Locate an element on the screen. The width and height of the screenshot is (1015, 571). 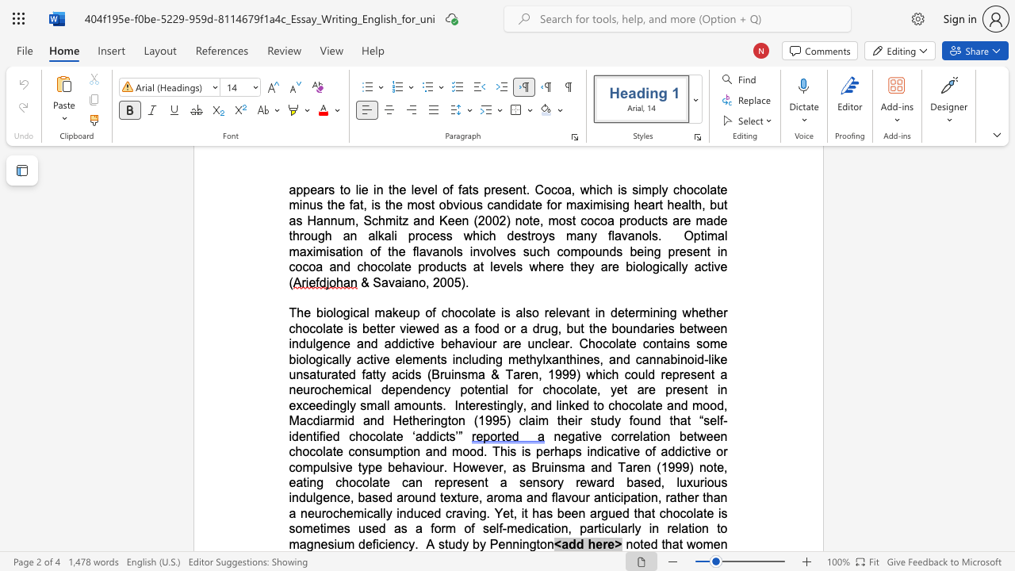
the subset text "her" within the text "<add here>" is located at coordinates (587, 543).